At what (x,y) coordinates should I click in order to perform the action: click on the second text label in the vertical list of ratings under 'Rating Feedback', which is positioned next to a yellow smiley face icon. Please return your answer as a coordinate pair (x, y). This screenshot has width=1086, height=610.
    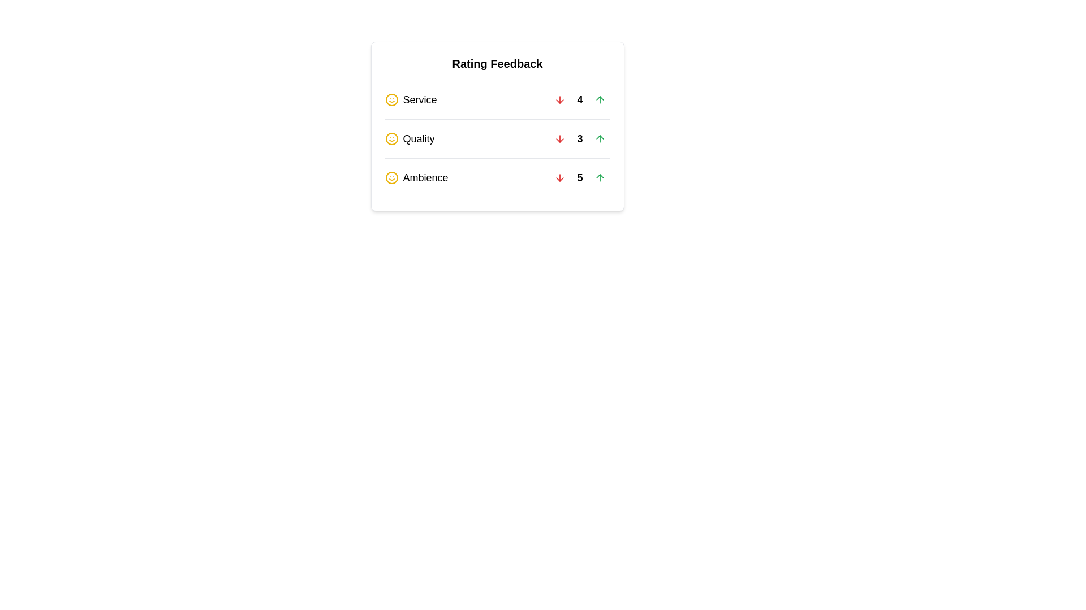
    Looking at the image, I should click on (418, 138).